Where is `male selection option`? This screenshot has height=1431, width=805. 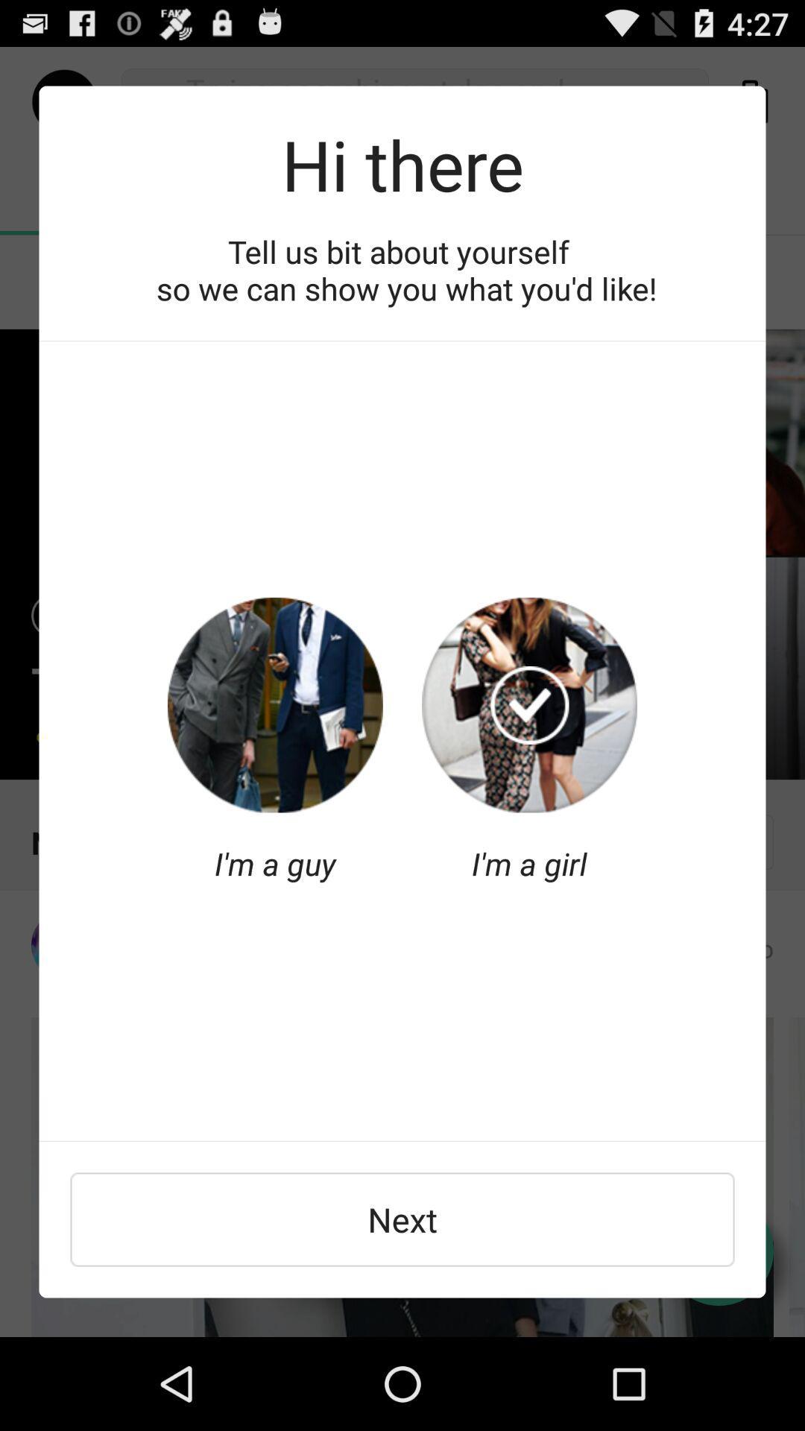
male selection option is located at coordinates (275, 704).